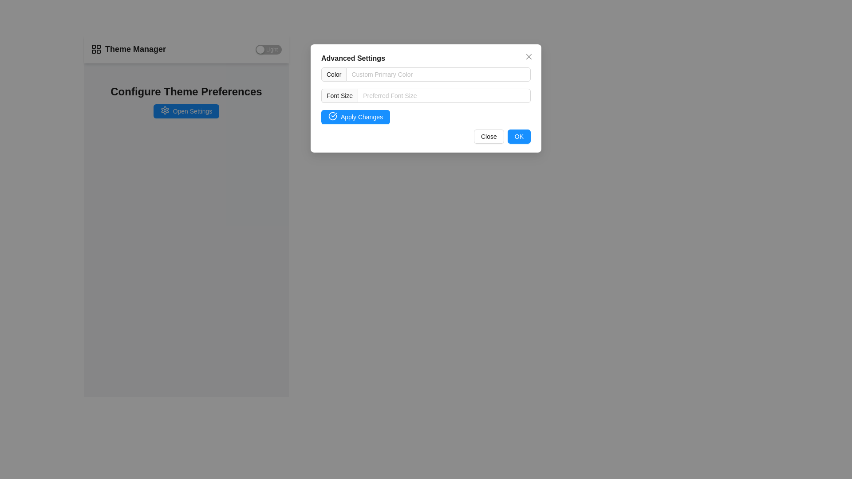  I want to click on the icon located at the left edge of the 'Open Settings' button, so click(165, 110).